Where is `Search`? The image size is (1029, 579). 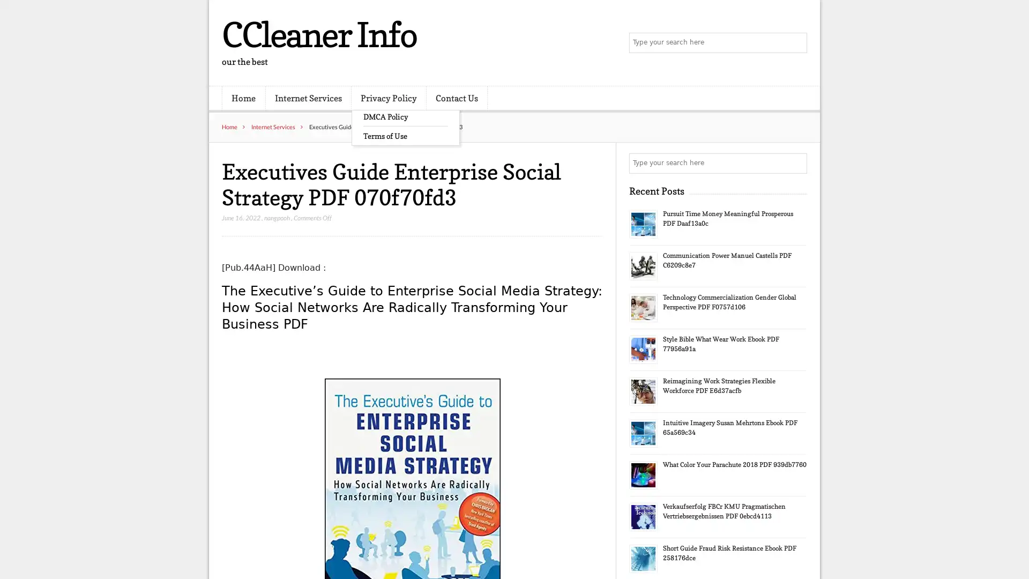
Search is located at coordinates (796, 163).